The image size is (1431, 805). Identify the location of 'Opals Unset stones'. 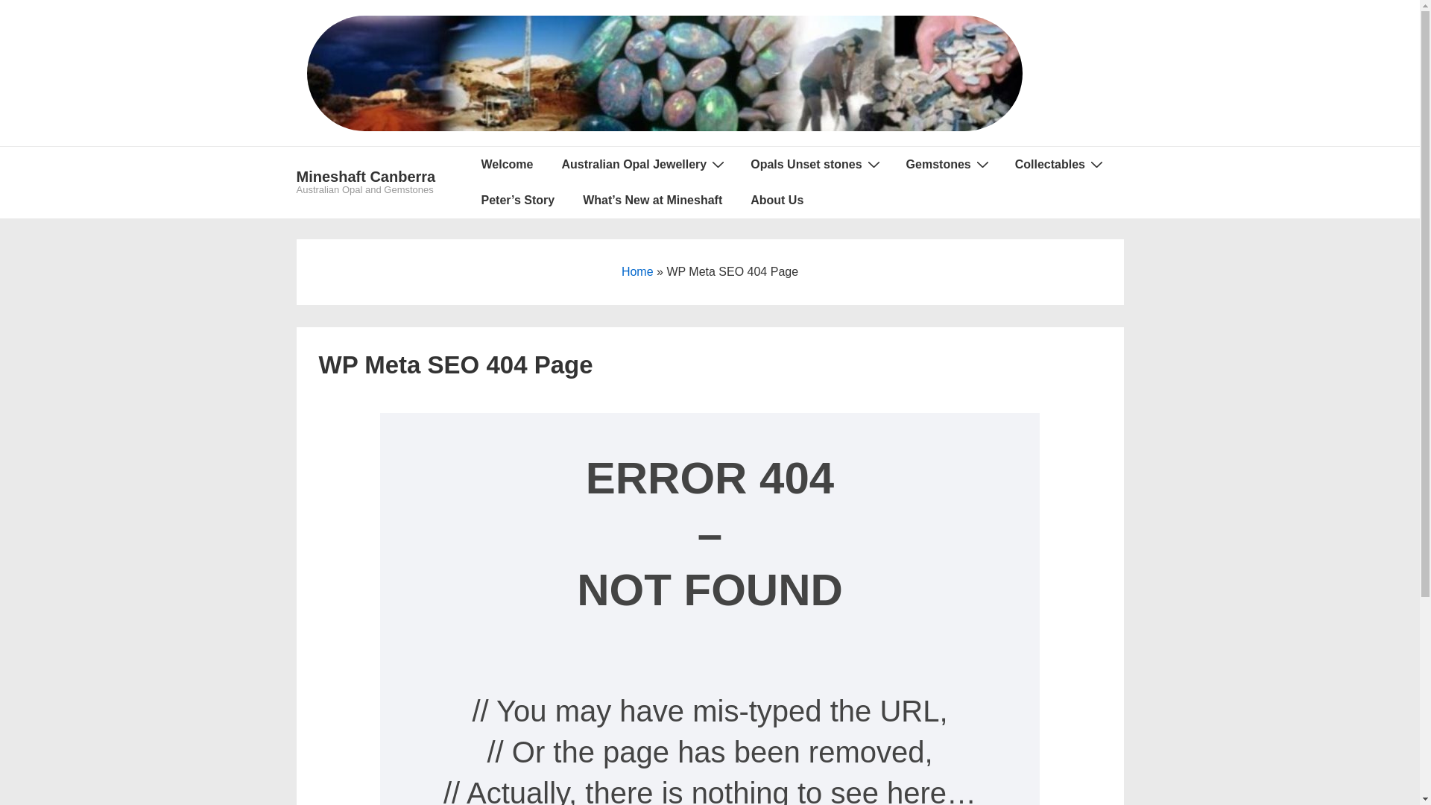
(736, 164).